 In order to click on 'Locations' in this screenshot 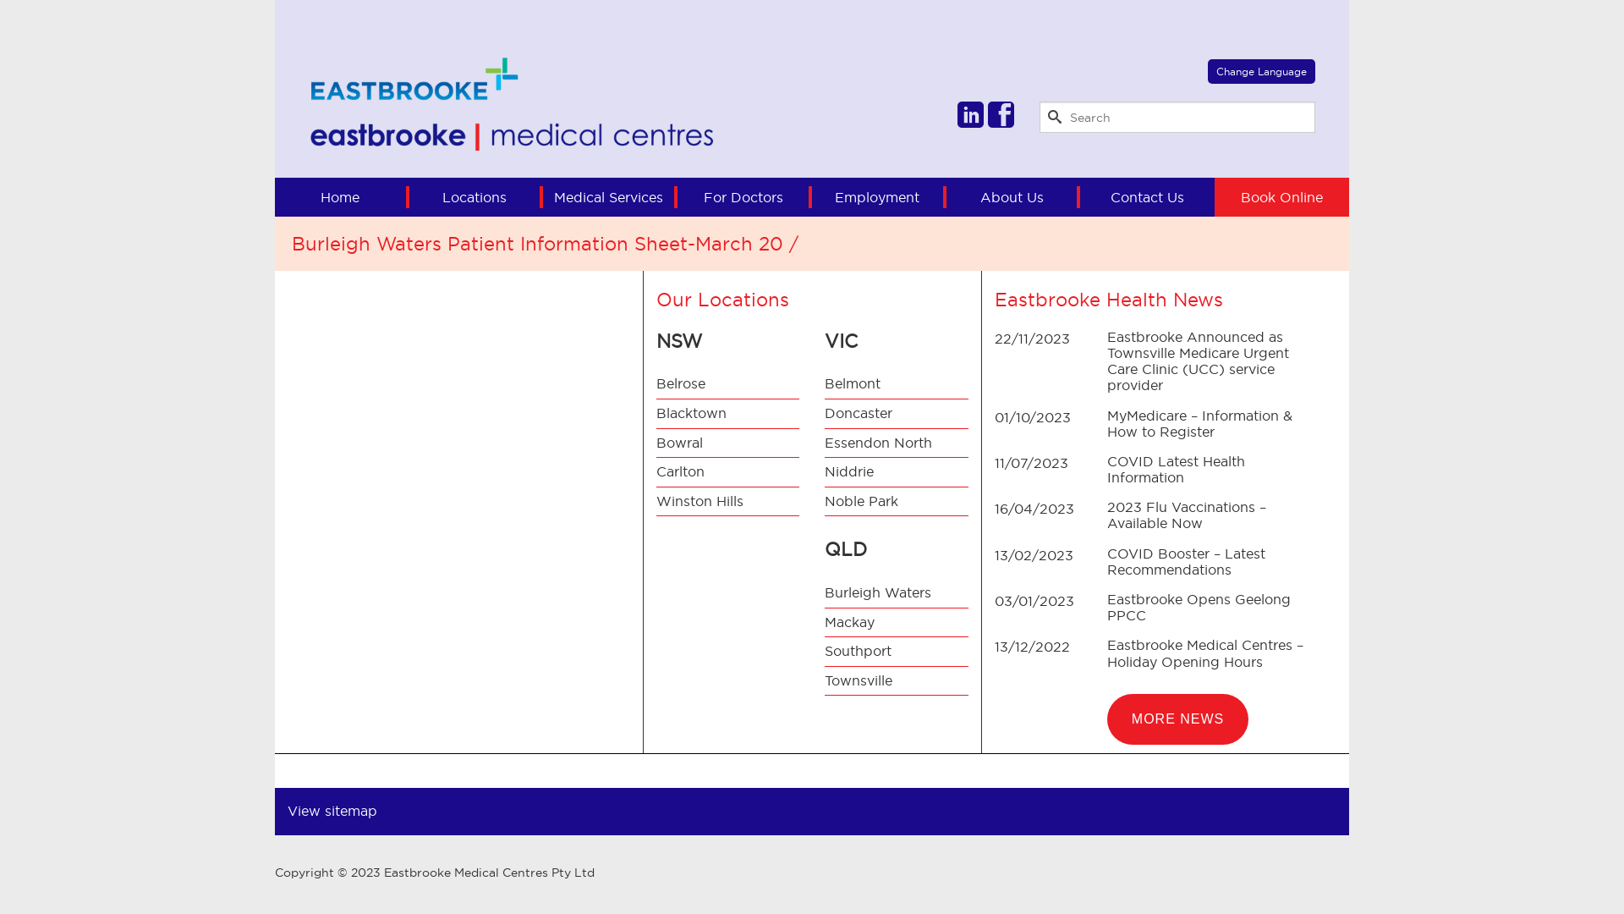, I will do `click(475, 195)`.